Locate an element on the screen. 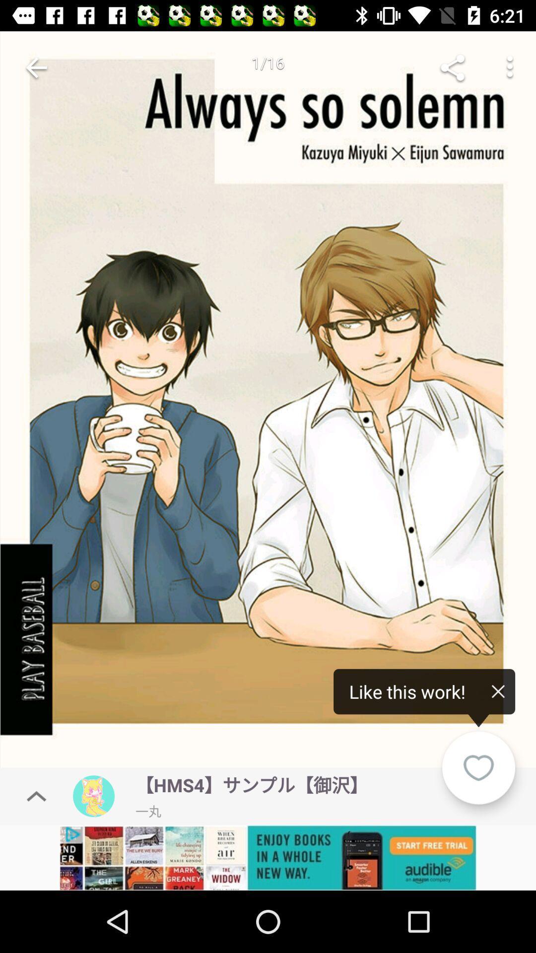  user avatar is located at coordinates (94, 796).